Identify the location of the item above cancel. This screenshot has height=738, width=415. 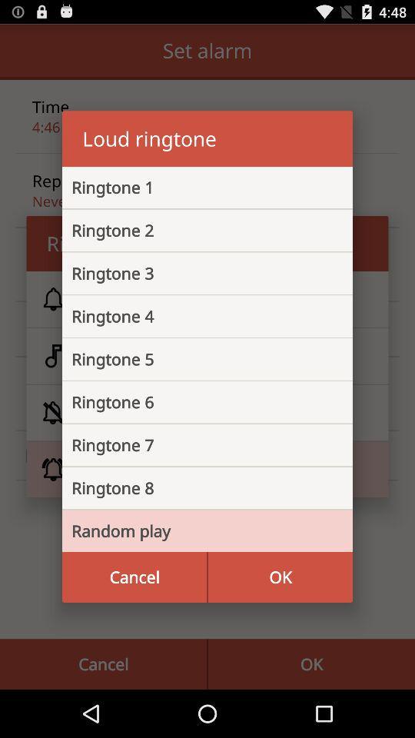
(195, 530).